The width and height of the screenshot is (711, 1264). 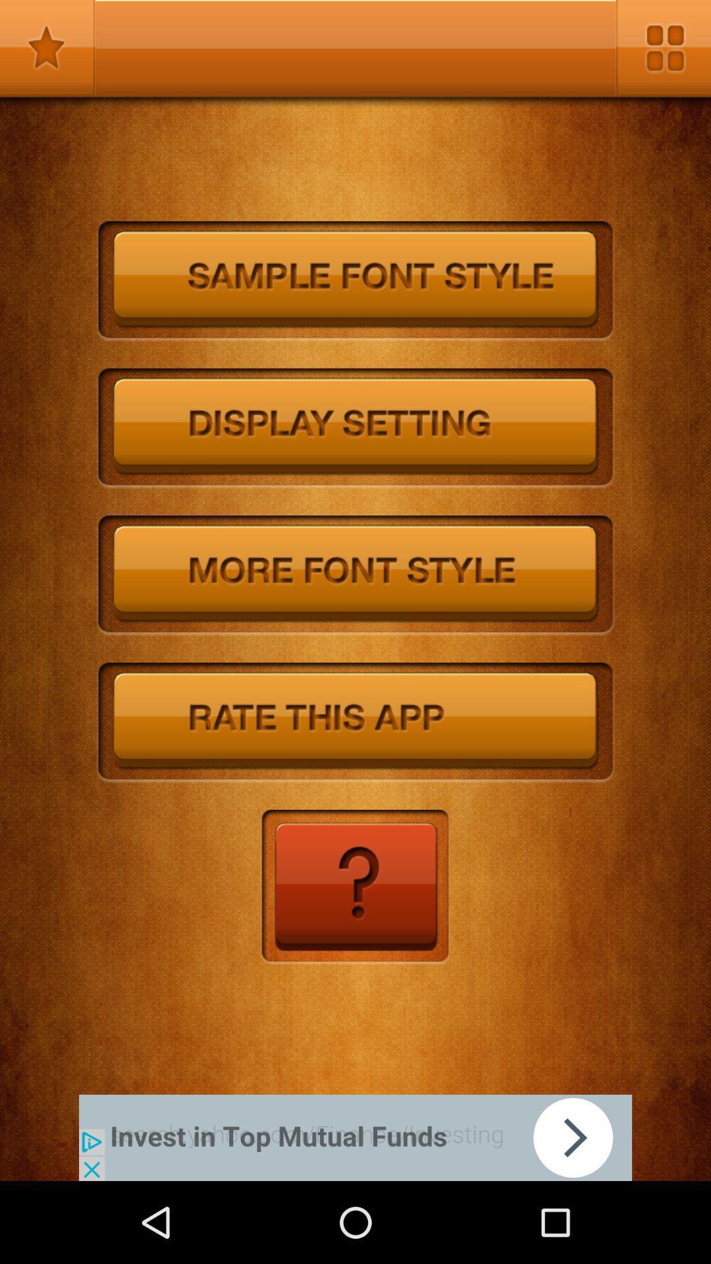 What do you see at coordinates (355, 1137) in the screenshot?
I see `open advertisement` at bounding box center [355, 1137].